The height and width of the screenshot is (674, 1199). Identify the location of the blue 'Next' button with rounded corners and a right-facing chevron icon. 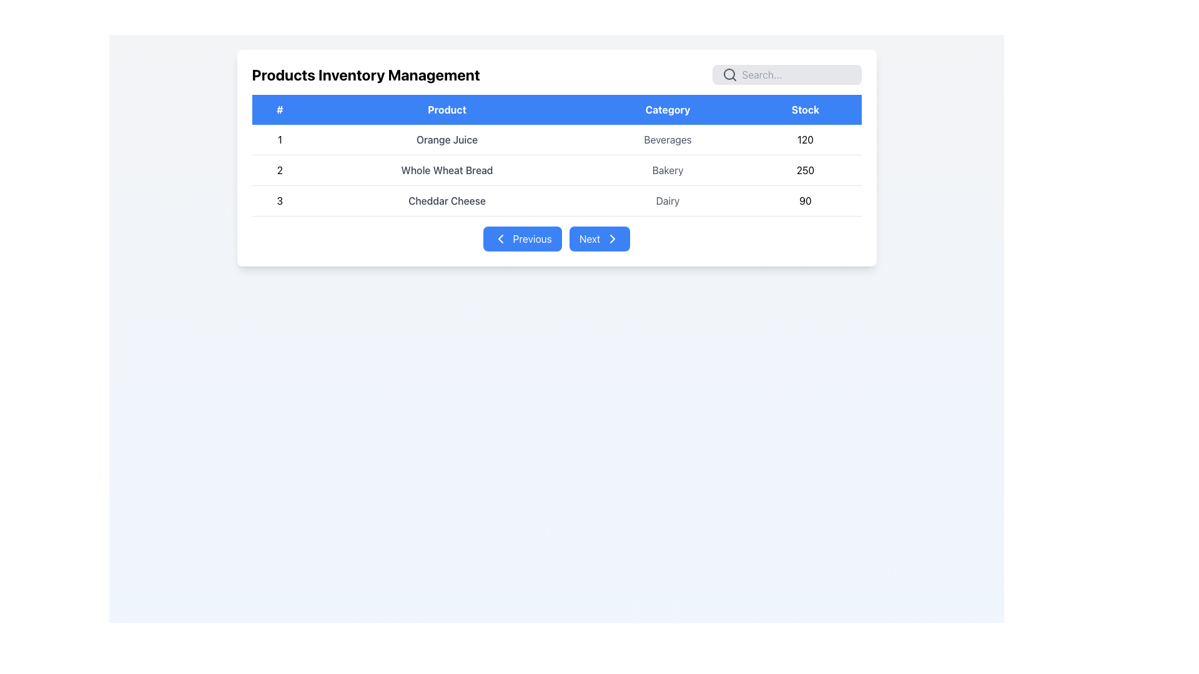
(599, 238).